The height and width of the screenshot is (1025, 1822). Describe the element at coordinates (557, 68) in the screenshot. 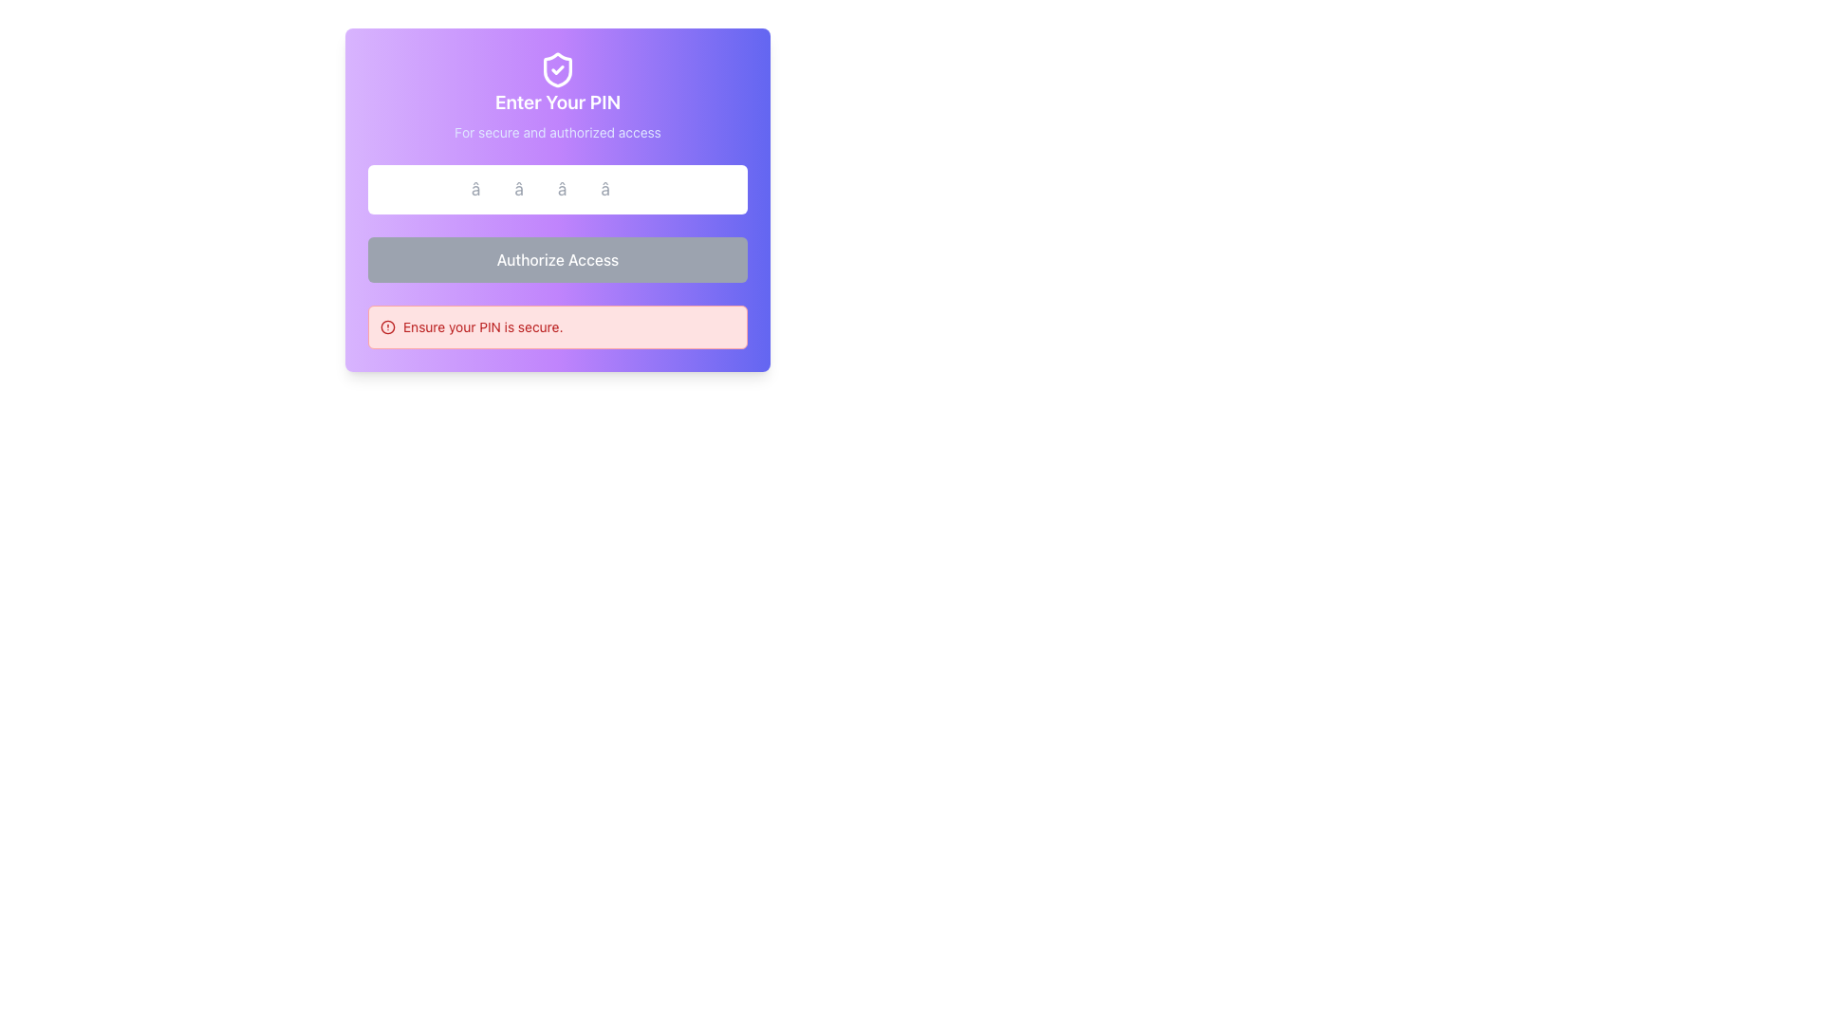

I see `the shield-shaped icon with a check symbol, which is located at the top-center of the form, above the 'Enter Your PIN' text` at that location.